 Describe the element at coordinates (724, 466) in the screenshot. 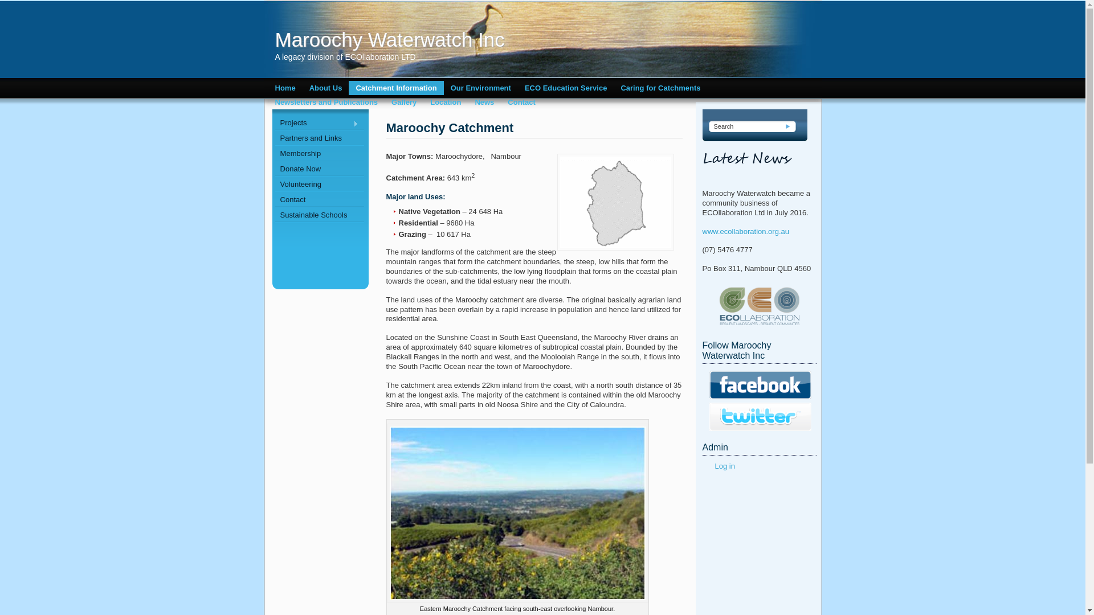

I see `'Log in'` at that location.